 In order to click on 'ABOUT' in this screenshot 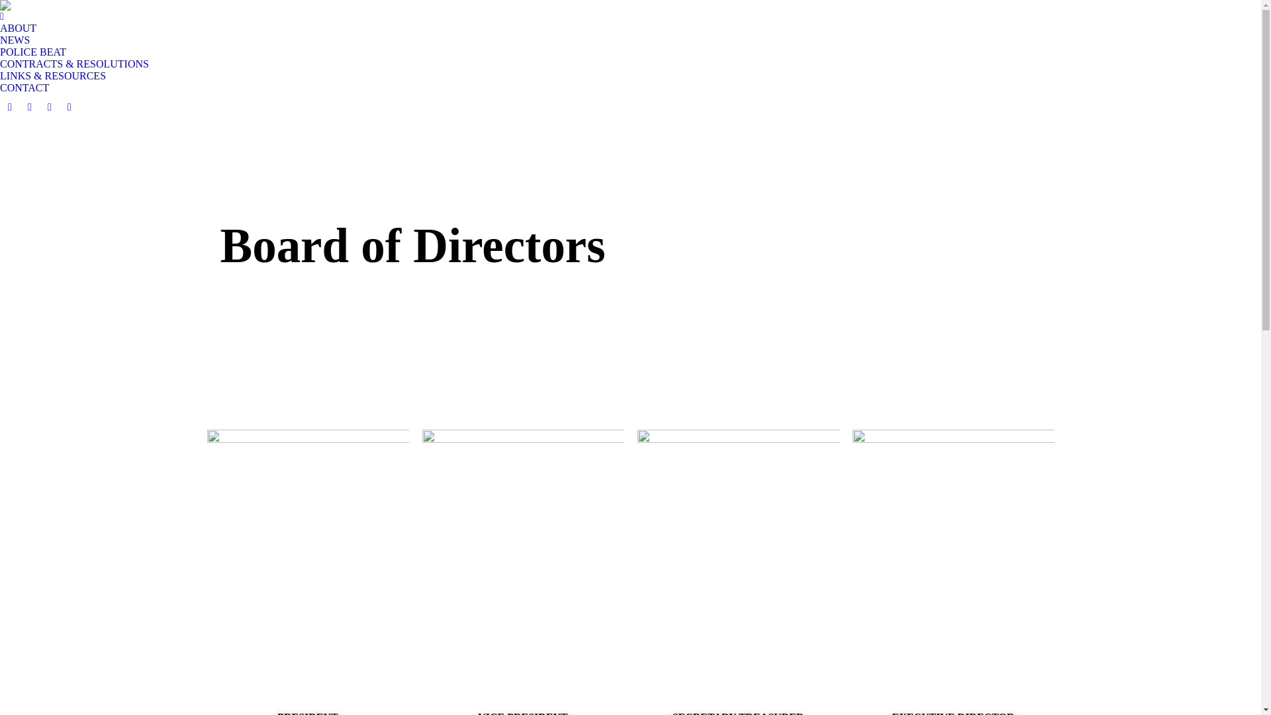, I will do `click(18, 23)`.